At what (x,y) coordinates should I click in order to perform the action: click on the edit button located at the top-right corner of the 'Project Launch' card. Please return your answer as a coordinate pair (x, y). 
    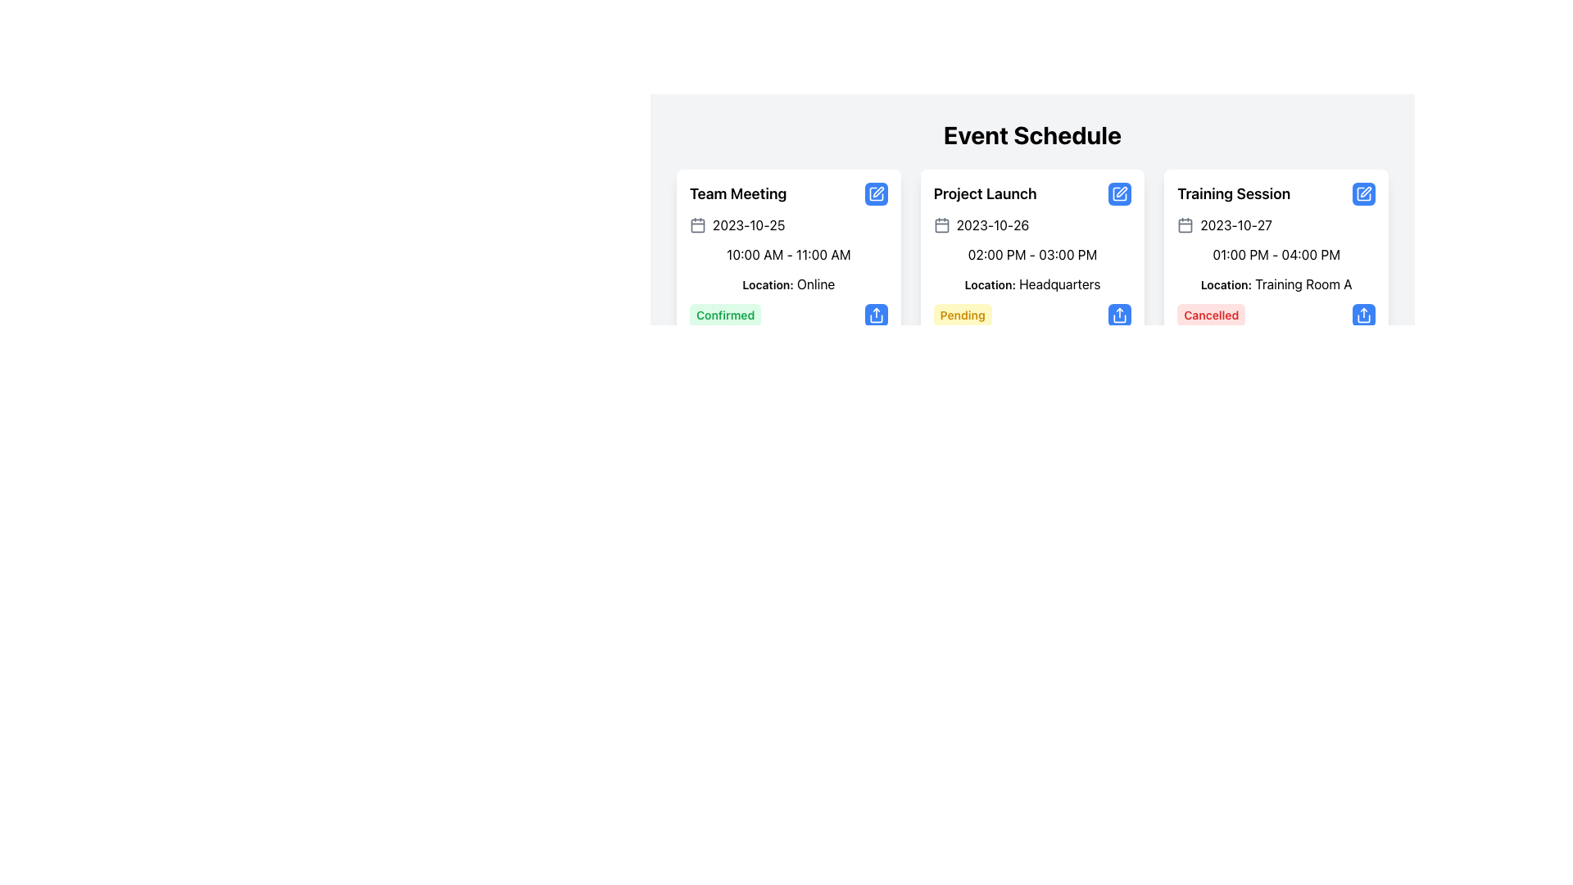
    Looking at the image, I should click on (1119, 193).